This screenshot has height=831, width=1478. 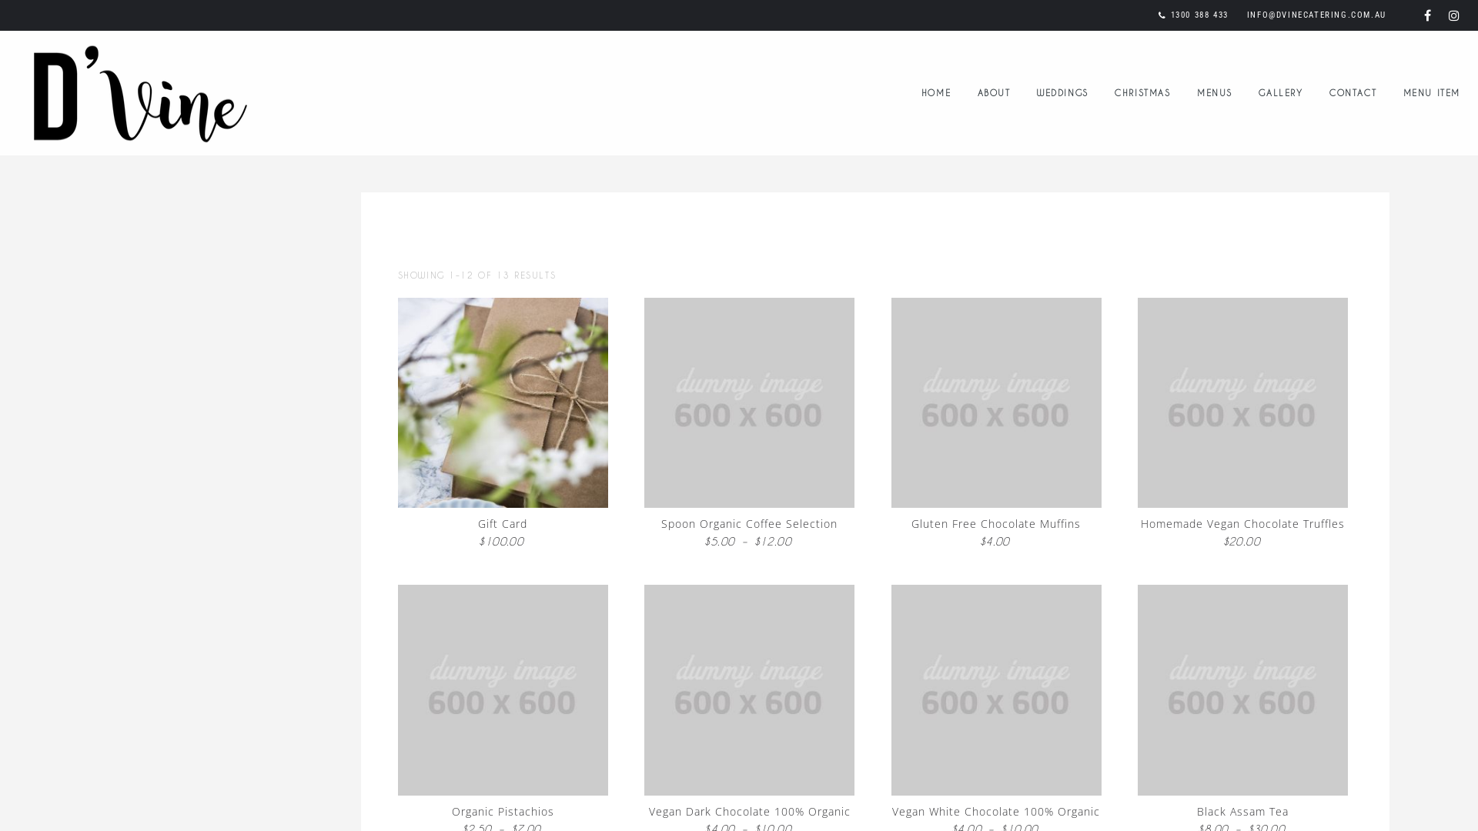 What do you see at coordinates (1062, 92) in the screenshot?
I see `'WEDDINGS'` at bounding box center [1062, 92].